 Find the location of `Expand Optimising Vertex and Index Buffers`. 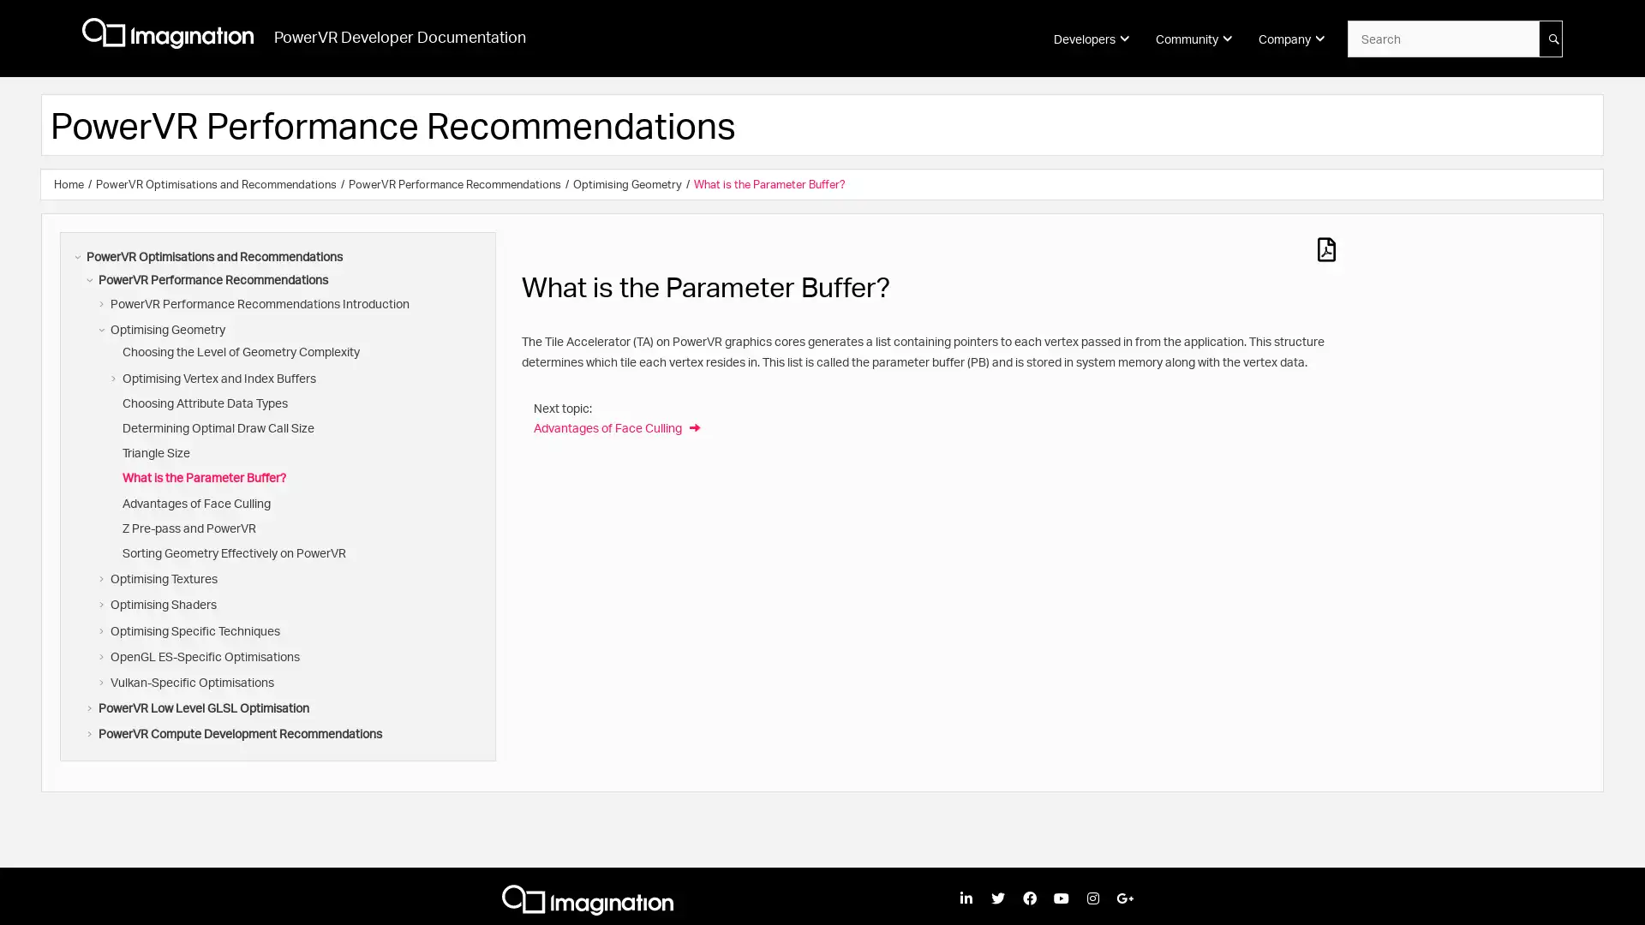

Expand Optimising Vertex and Index Buffers is located at coordinates (114, 377).